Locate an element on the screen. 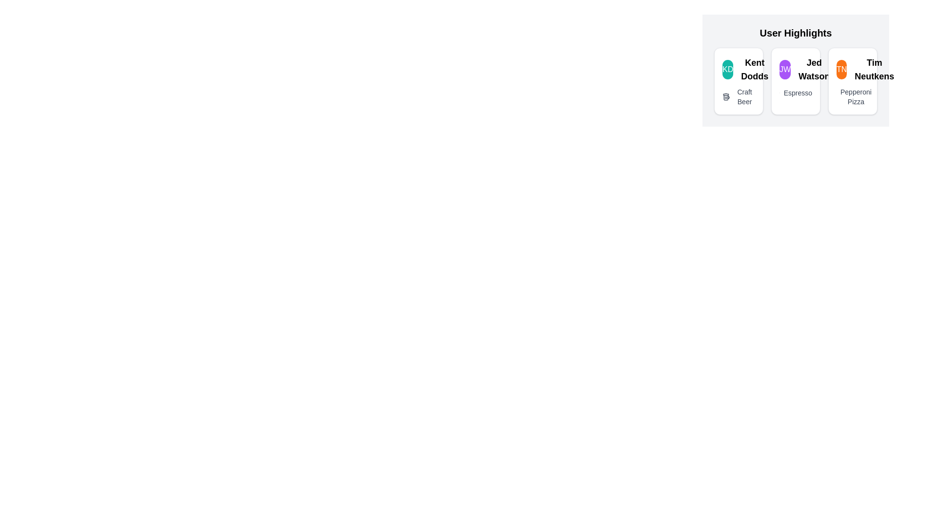 This screenshot has height=526, width=936. the text label indicating the preferred beverage for the user 'Jed Watson', located at the lower section of the card beneath the avatar and name is located at coordinates (798, 93).